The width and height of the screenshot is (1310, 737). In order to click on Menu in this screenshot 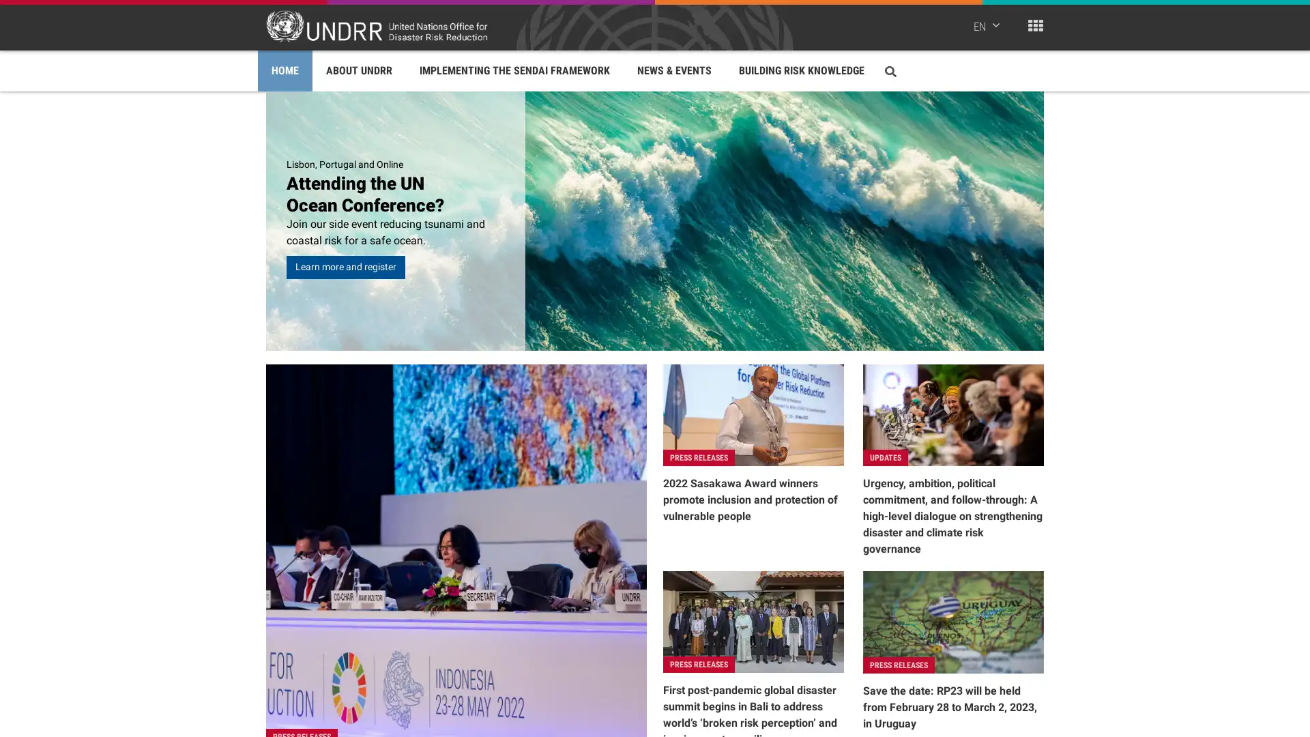, I will do `click(1035, 25)`.